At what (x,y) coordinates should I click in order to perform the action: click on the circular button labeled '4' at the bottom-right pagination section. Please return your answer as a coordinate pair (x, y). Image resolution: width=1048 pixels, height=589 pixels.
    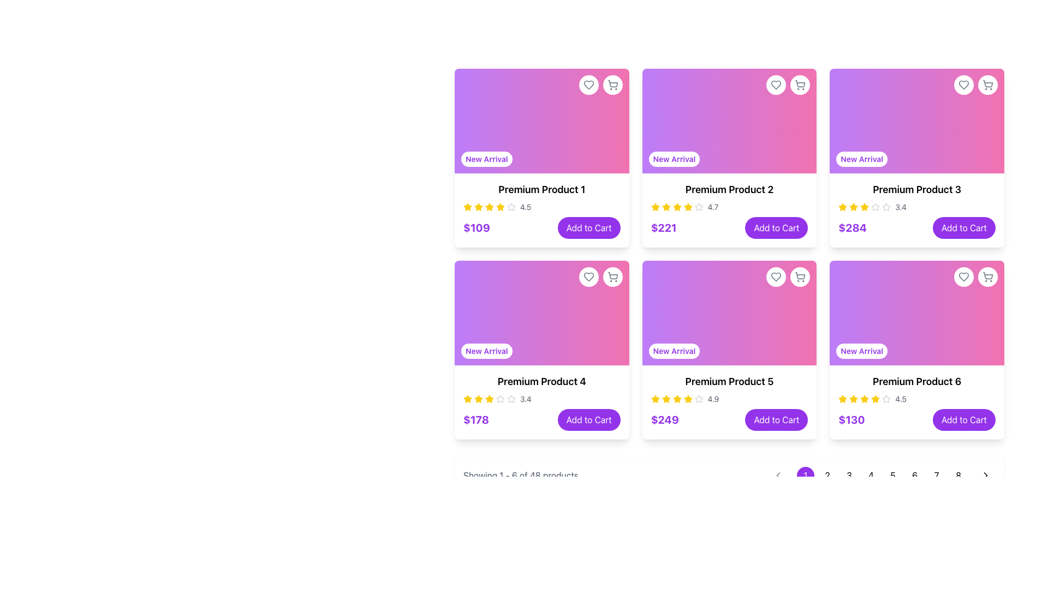
    Looking at the image, I should click on (871, 474).